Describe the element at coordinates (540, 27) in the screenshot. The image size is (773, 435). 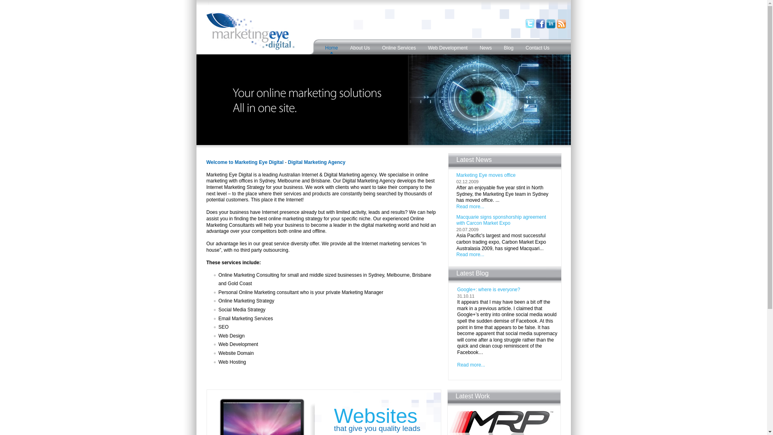
I see `'Find us on Facebook'` at that location.